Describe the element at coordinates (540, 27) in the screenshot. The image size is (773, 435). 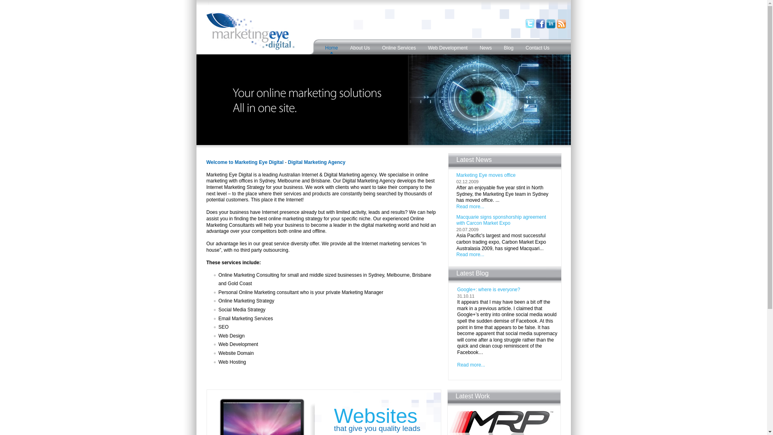
I see `'Find us on Facebook'` at that location.